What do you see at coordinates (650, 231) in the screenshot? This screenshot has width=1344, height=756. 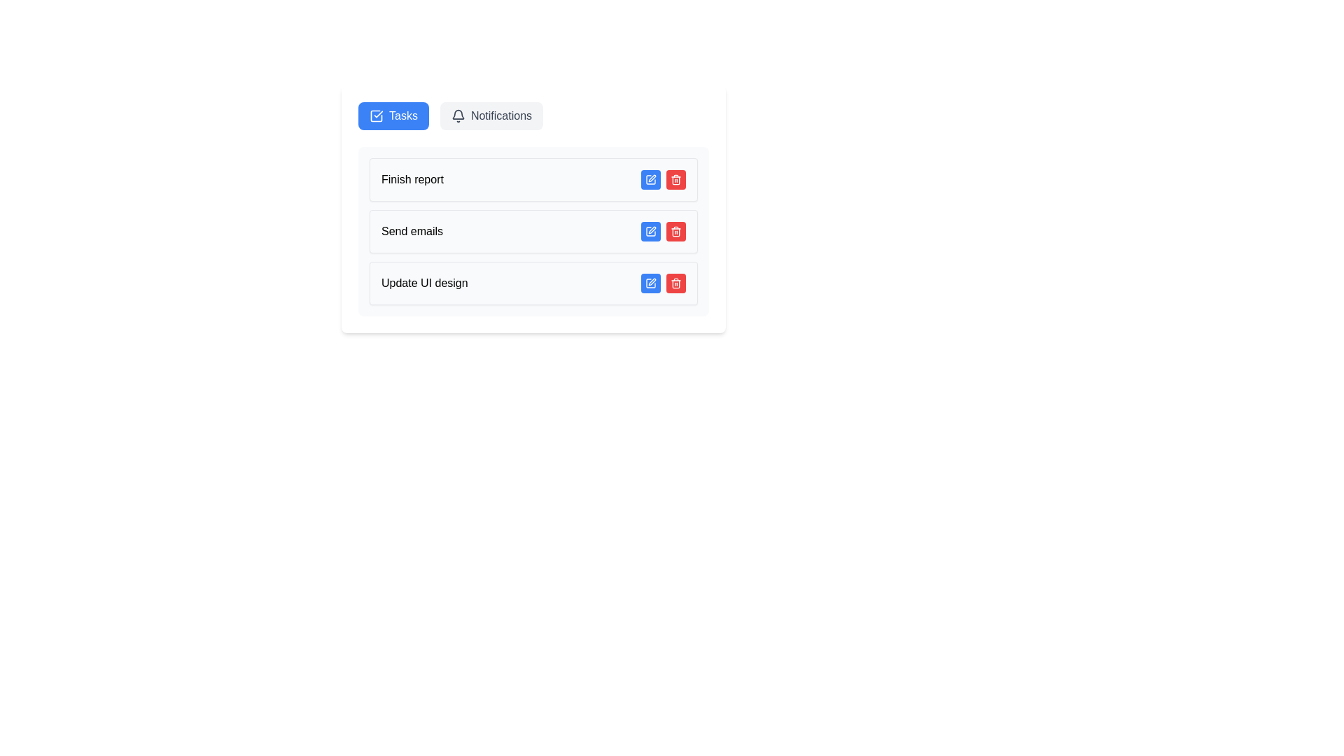 I see `the second edit button for the 'Send emails' task` at bounding box center [650, 231].